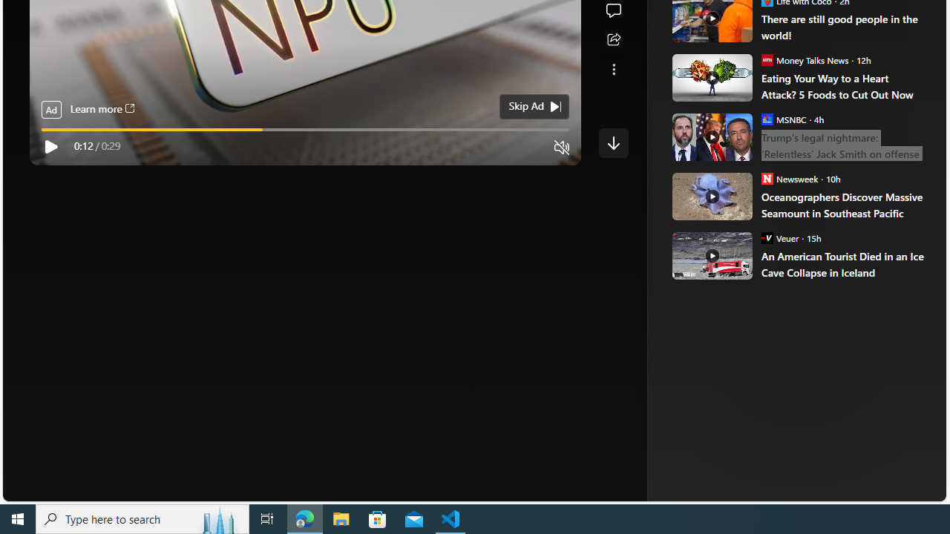 This screenshot has height=534, width=950. I want to click on 'video progress bar', so click(304, 129).